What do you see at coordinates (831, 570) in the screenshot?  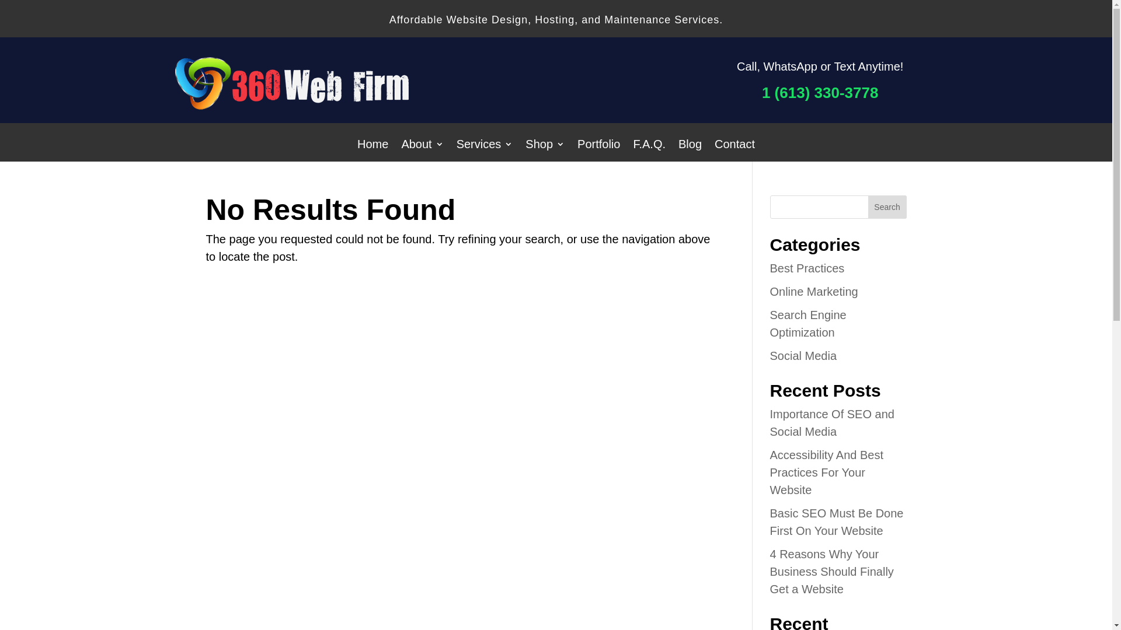 I see `'4 Reasons Why Your Business Should Finally Get a Website'` at bounding box center [831, 570].